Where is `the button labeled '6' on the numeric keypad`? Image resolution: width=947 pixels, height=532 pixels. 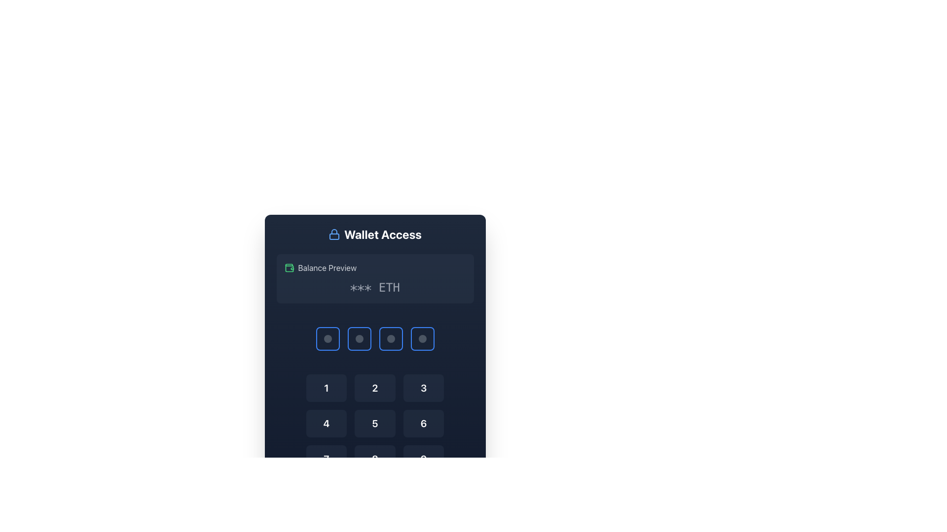
the button labeled '6' on the numeric keypad is located at coordinates (424, 423).